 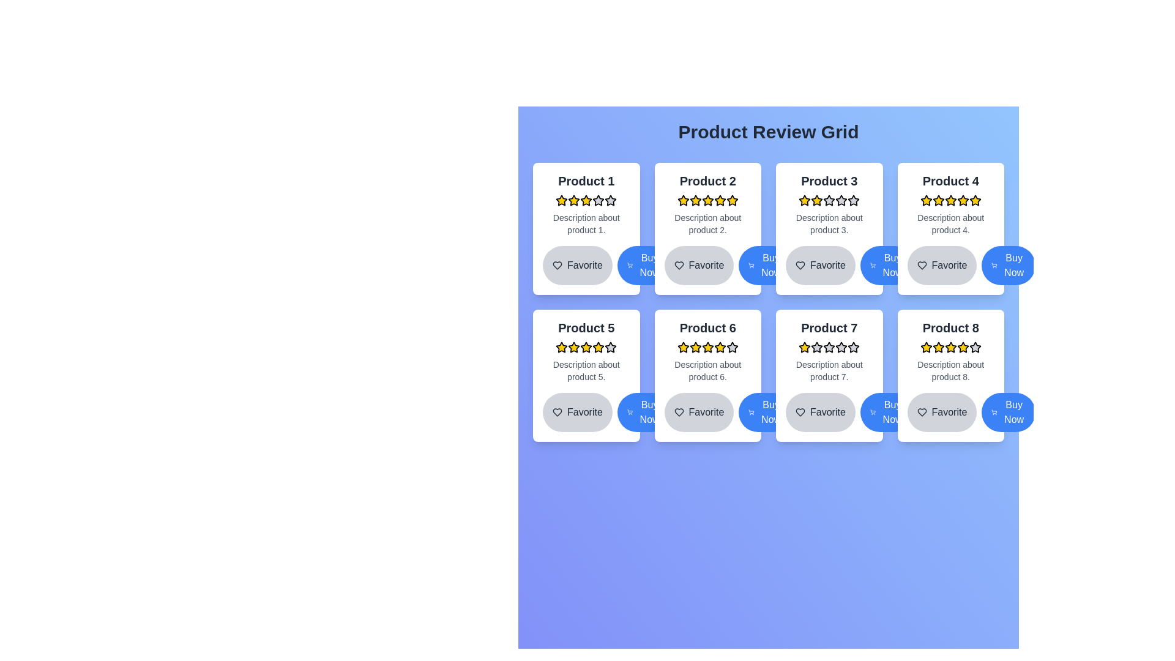 I want to click on the fifth star-shaped rating icon in the 'Product 7' card, so click(x=853, y=347).